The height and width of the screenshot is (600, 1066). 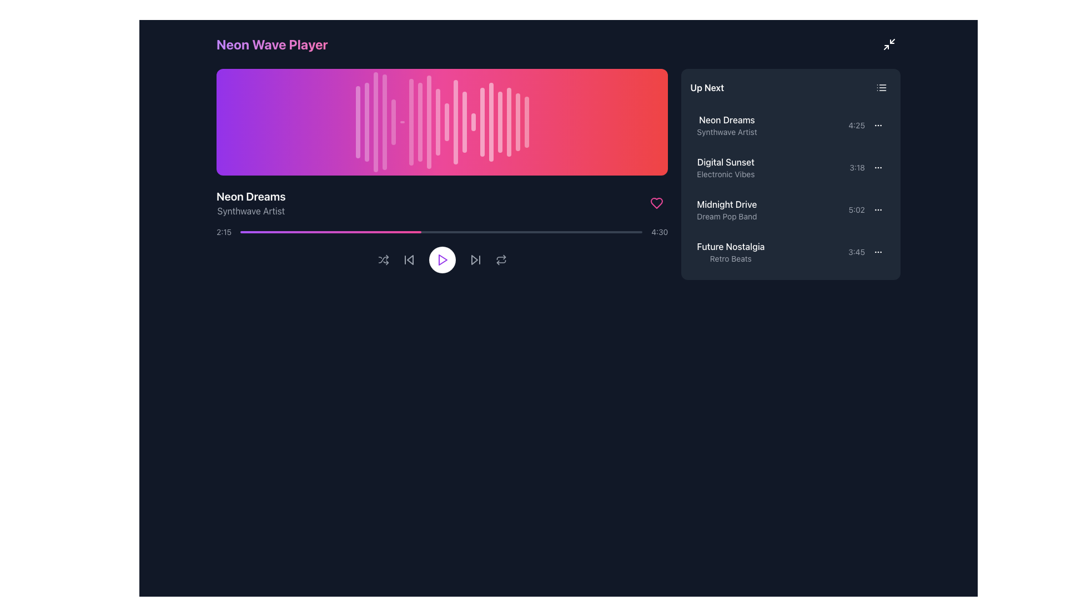 What do you see at coordinates (877, 210) in the screenshot?
I see `the options menu button for the 'Midnight Drive' track located in the upper-right corner of the 'Up Next' section` at bounding box center [877, 210].